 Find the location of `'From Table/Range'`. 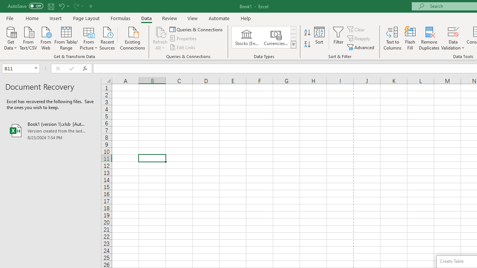

'From Table/Range' is located at coordinates (66, 38).